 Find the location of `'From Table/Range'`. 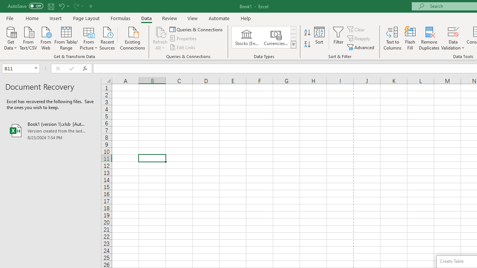

'From Table/Range' is located at coordinates (66, 38).